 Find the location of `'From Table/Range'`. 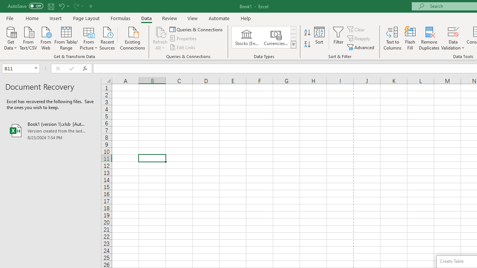

'From Table/Range' is located at coordinates (66, 38).